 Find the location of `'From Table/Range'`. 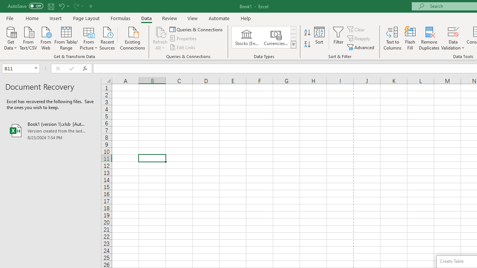

'From Table/Range' is located at coordinates (66, 38).